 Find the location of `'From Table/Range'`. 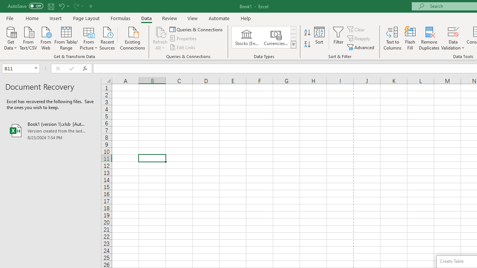

'From Table/Range' is located at coordinates (66, 38).